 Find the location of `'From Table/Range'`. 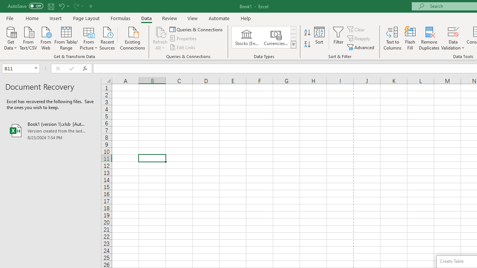

'From Table/Range' is located at coordinates (66, 38).